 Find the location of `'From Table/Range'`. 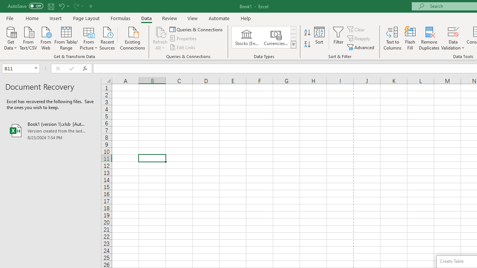

'From Table/Range' is located at coordinates (66, 38).